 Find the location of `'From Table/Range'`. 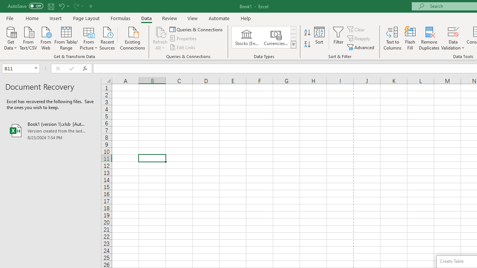

'From Table/Range' is located at coordinates (66, 38).